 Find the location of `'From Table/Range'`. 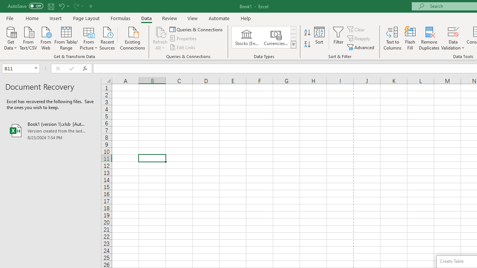

'From Table/Range' is located at coordinates (66, 38).